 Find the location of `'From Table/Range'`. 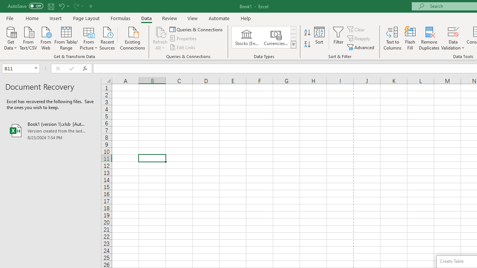

'From Table/Range' is located at coordinates (66, 38).